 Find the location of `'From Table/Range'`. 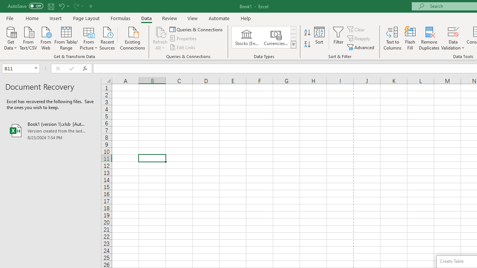

'From Table/Range' is located at coordinates (66, 38).